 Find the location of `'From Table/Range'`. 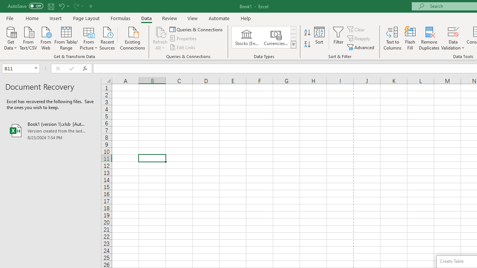

'From Table/Range' is located at coordinates (66, 38).